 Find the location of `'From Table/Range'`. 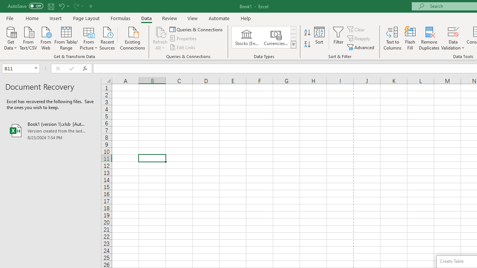

'From Table/Range' is located at coordinates (66, 38).